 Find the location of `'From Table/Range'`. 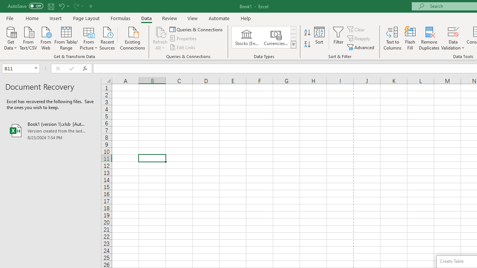

'From Table/Range' is located at coordinates (66, 38).